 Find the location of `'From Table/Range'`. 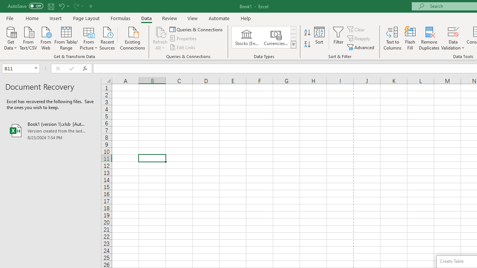

'From Table/Range' is located at coordinates (66, 38).